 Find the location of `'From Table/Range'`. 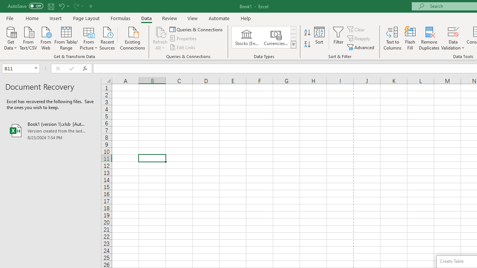

'From Table/Range' is located at coordinates (66, 38).